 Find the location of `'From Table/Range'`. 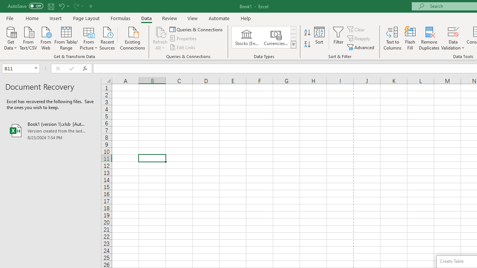

'From Table/Range' is located at coordinates (66, 38).